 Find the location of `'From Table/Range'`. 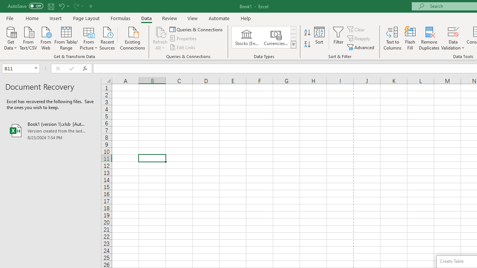

'From Table/Range' is located at coordinates (66, 38).